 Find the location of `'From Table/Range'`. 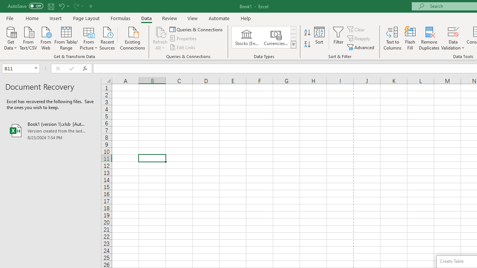

'From Table/Range' is located at coordinates (66, 38).